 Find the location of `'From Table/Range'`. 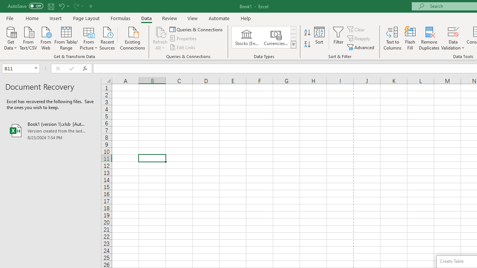

'From Table/Range' is located at coordinates (66, 38).